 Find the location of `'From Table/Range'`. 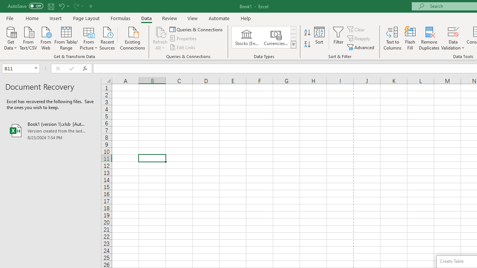

'From Table/Range' is located at coordinates (66, 38).